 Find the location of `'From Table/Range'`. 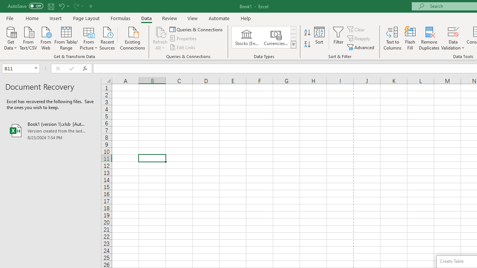

'From Table/Range' is located at coordinates (66, 38).